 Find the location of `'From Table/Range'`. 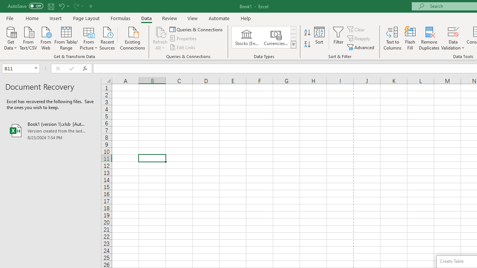

'From Table/Range' is located at coordinates (66, 38).